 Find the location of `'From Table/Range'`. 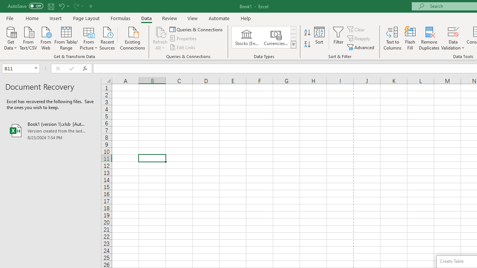

'From Table/Range' is located at coordinates (66, 38).